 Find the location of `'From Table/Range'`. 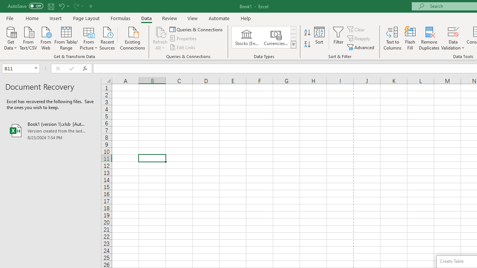

'From Table/Range' is located at coordinates (66, 38).